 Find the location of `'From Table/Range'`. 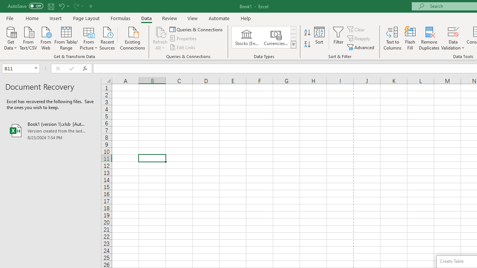

'From Table/Range' is located at coordinates (66, 38).